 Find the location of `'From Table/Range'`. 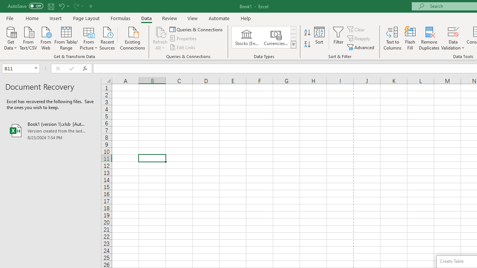

'From Table/Range' is located at coordinates (66, 38).